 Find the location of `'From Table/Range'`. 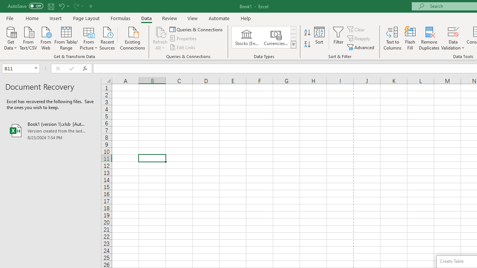

'From Table/Range' is located at coordinates (66, 38).